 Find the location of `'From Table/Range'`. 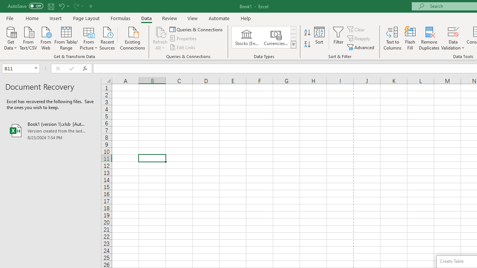

'From Table/Range' is located at coordinates (66, 38).